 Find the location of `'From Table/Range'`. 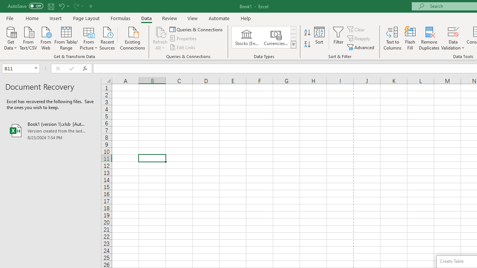

'From Table/Range' is located at coordinates (66, 38).